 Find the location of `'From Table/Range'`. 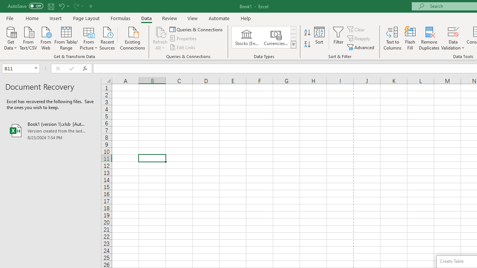

'From Table/Range' is located at coordinates (66, 38).